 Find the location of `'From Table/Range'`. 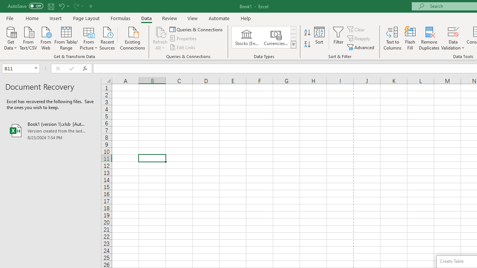

'From Table/Range' is located at coordinates (66, 38).